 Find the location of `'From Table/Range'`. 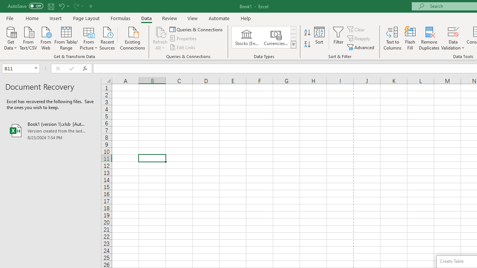

'From Table/Range' is located at coordinates (66, 38).